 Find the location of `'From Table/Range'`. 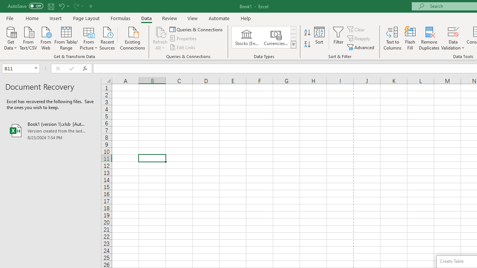

'From Table/Range' is located at coordinates (66, 38).